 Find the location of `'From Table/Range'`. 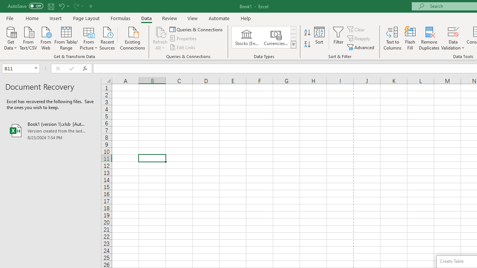

'From Table/Range' is located at coordinates (66, 38).